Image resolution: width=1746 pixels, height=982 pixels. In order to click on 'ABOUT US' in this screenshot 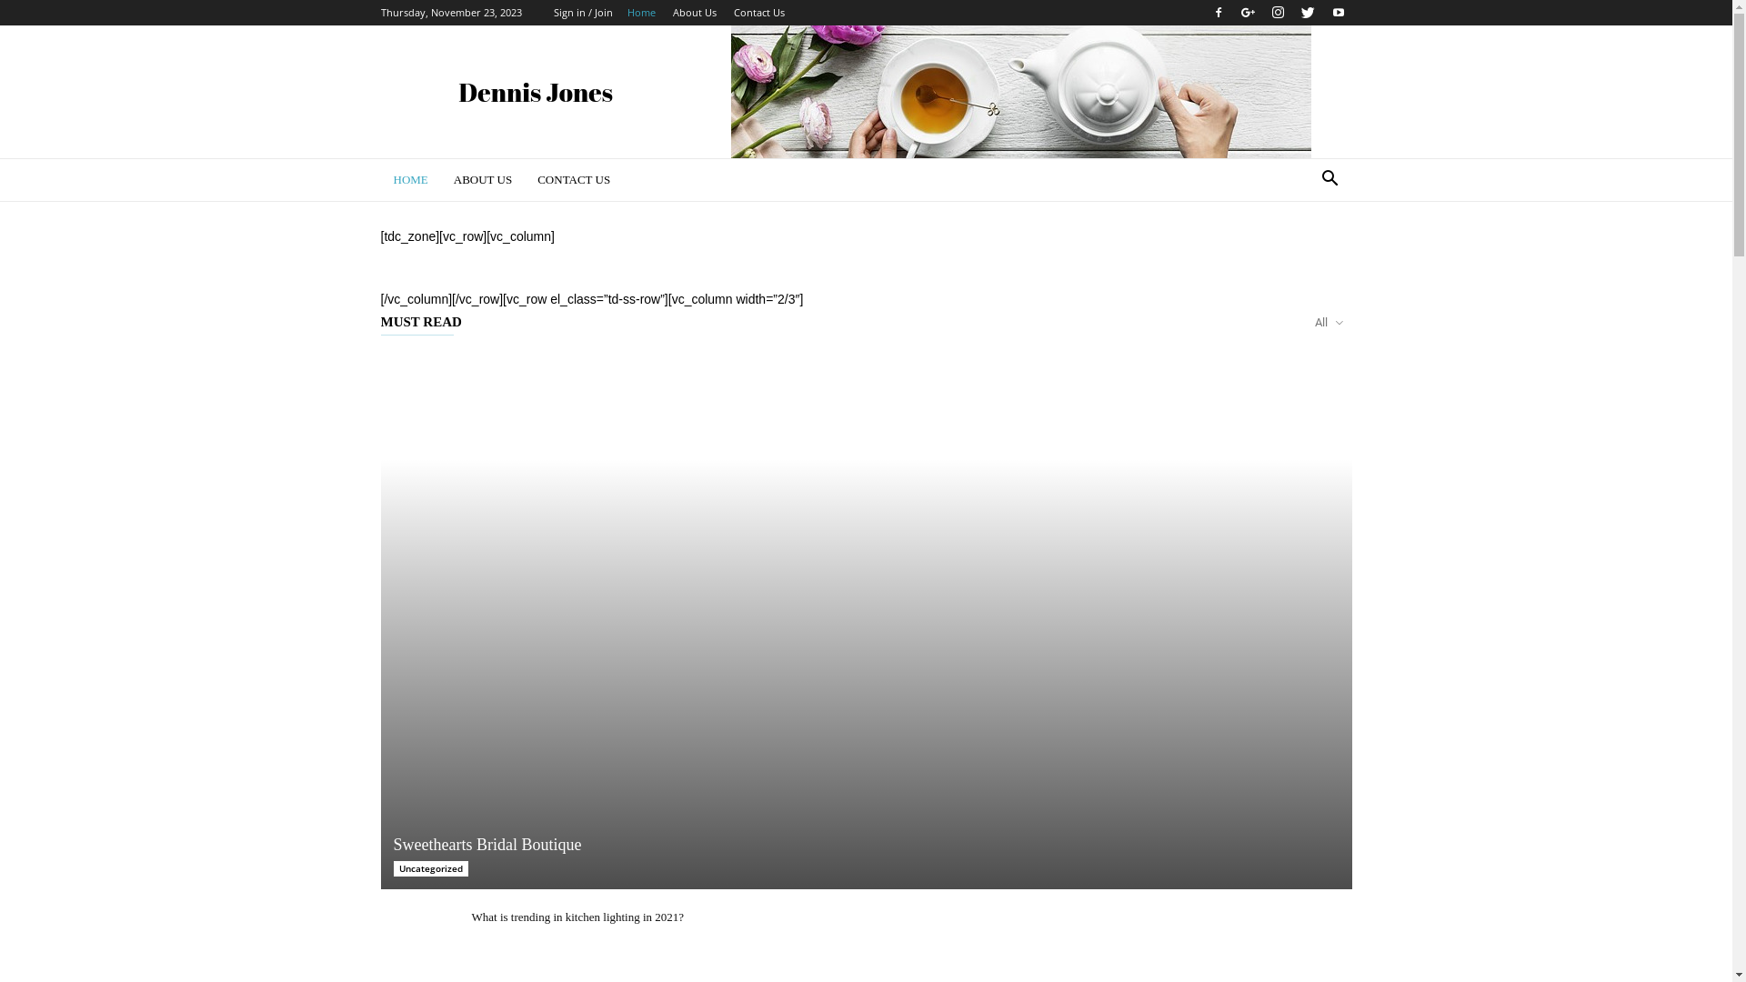, I will do `click(483, 179)`.